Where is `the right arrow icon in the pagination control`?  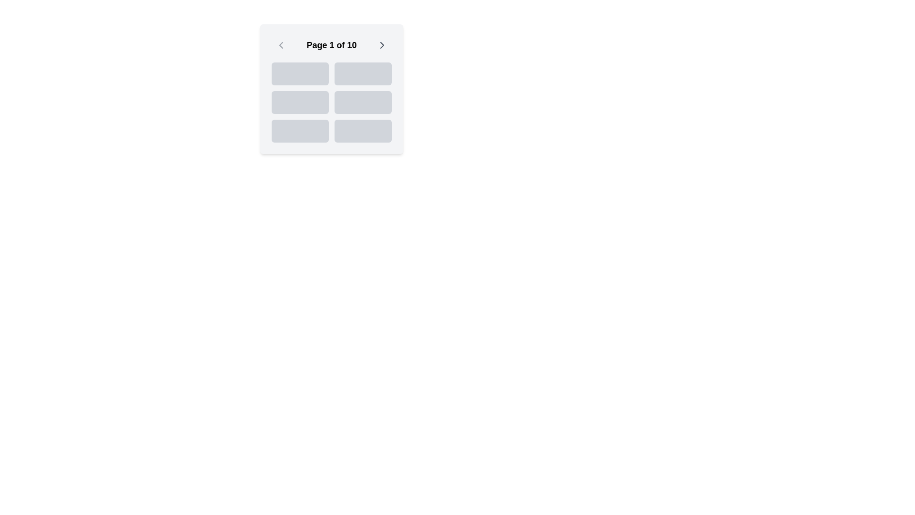 the right arrow icon in the pagination control is located at coordinates (382, 45).